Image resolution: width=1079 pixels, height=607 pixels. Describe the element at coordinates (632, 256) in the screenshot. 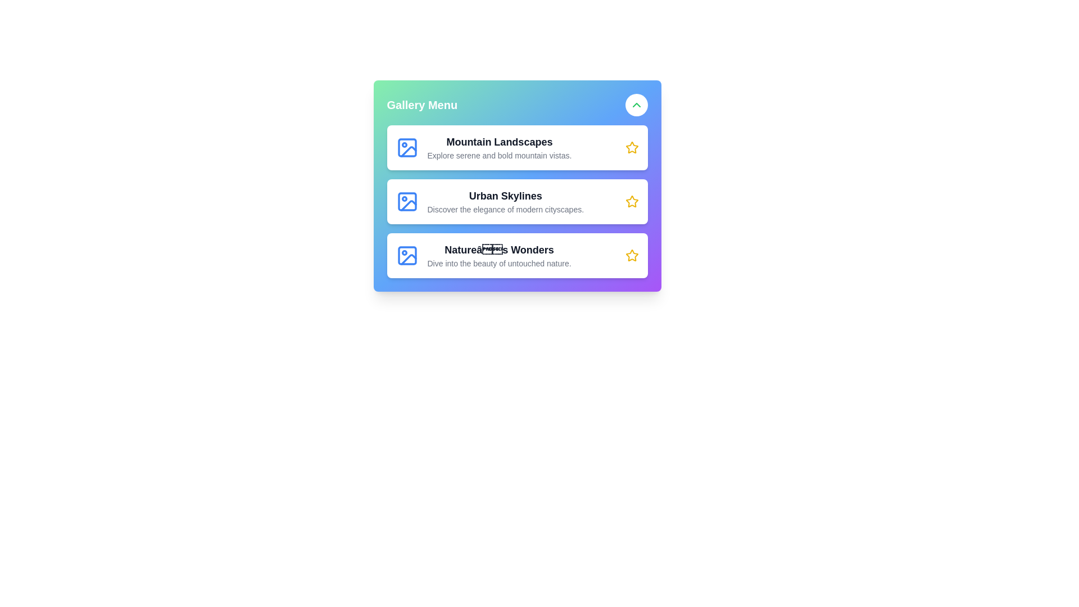

I see `the star icon corresponding to the gallery item Nature's Wonders to mark it as a favorite` at that location.